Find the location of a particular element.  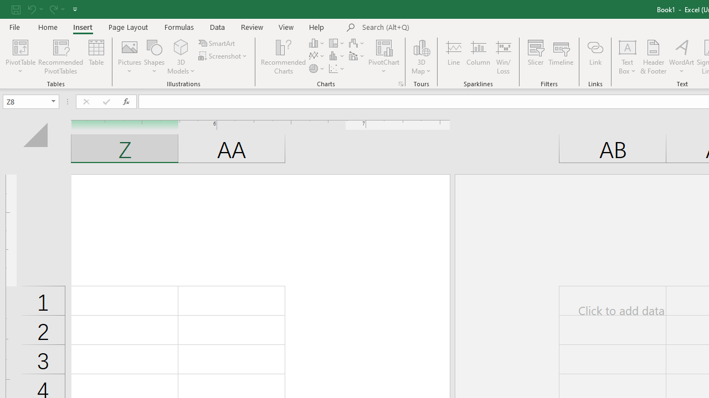

'Link' is located at coordinates (594, 57).